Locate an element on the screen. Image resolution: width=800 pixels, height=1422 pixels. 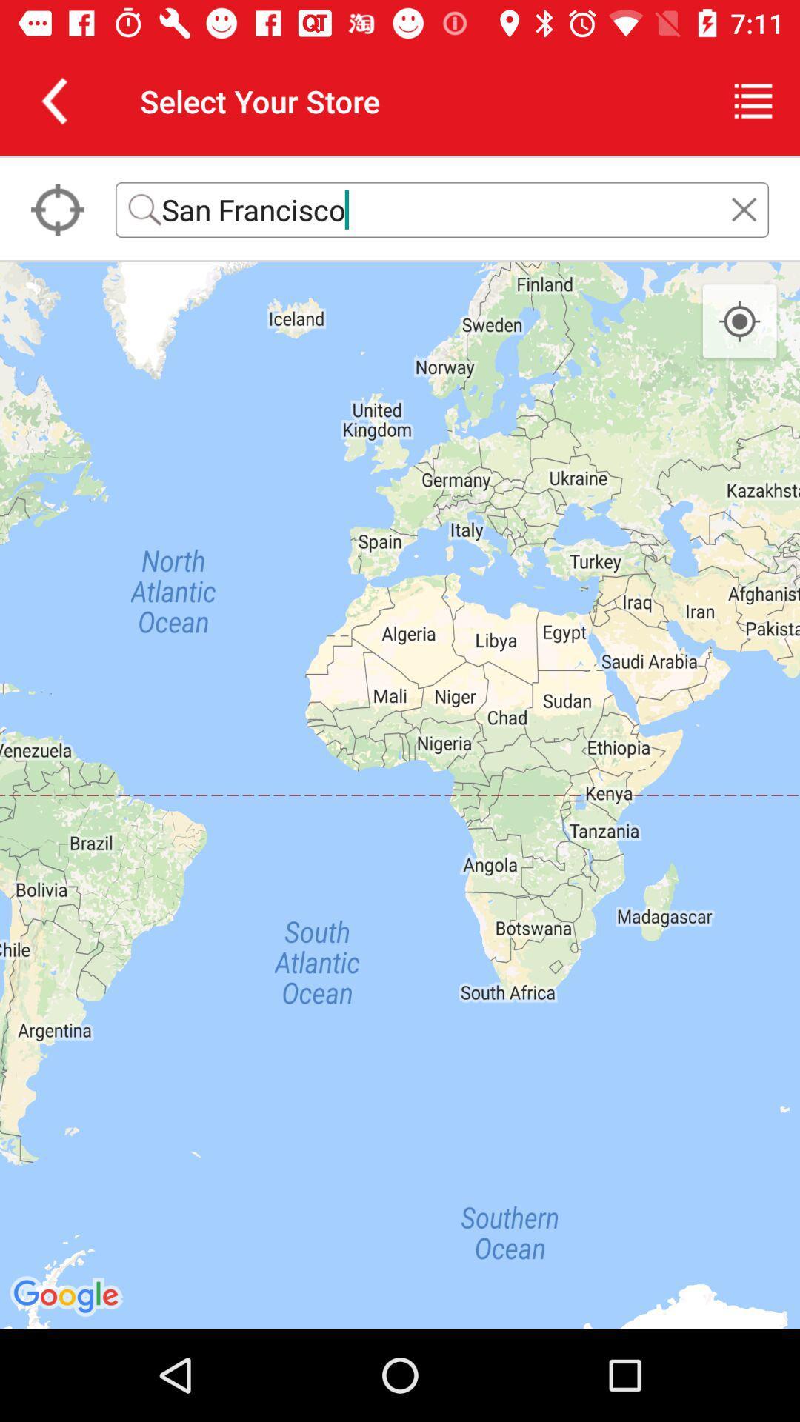
the close icon is located at coordinates (744, 209).